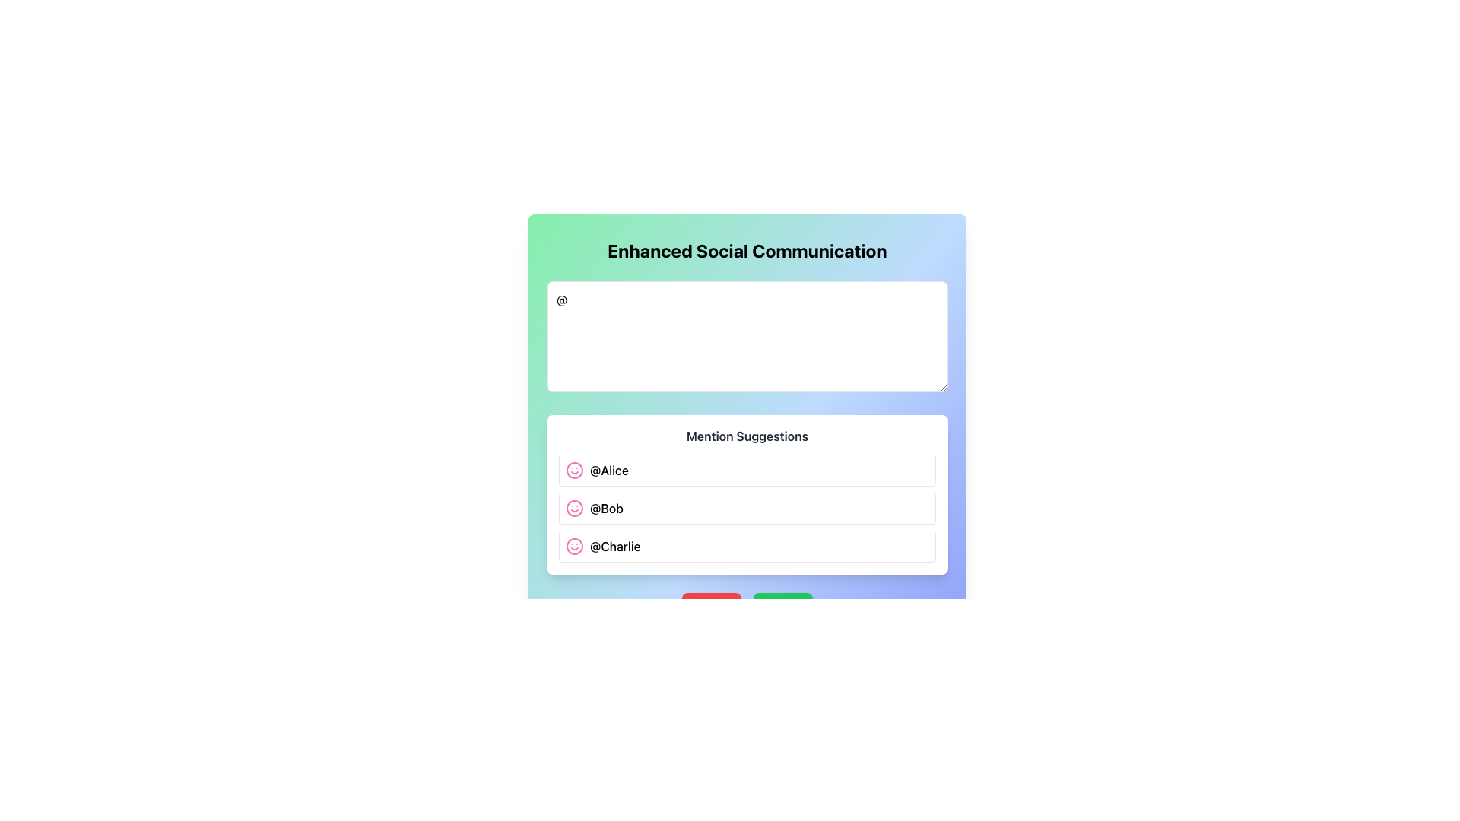 The image size is (1460, 821). Describe the element at coordinates (573, 508) in the screenshot. I see `circular icon element that forms the base of the smiley face icon, located to the left of the text '@Bob' in the mention suggestions list` at that location.